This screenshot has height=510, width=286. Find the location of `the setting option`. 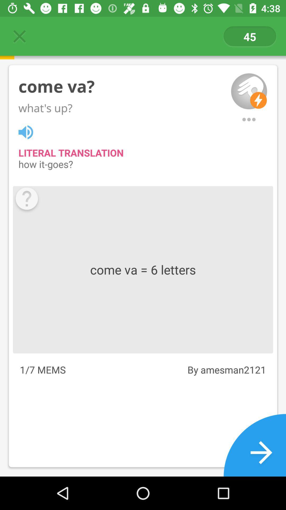

the setting option is located at coordinates (249, 119).